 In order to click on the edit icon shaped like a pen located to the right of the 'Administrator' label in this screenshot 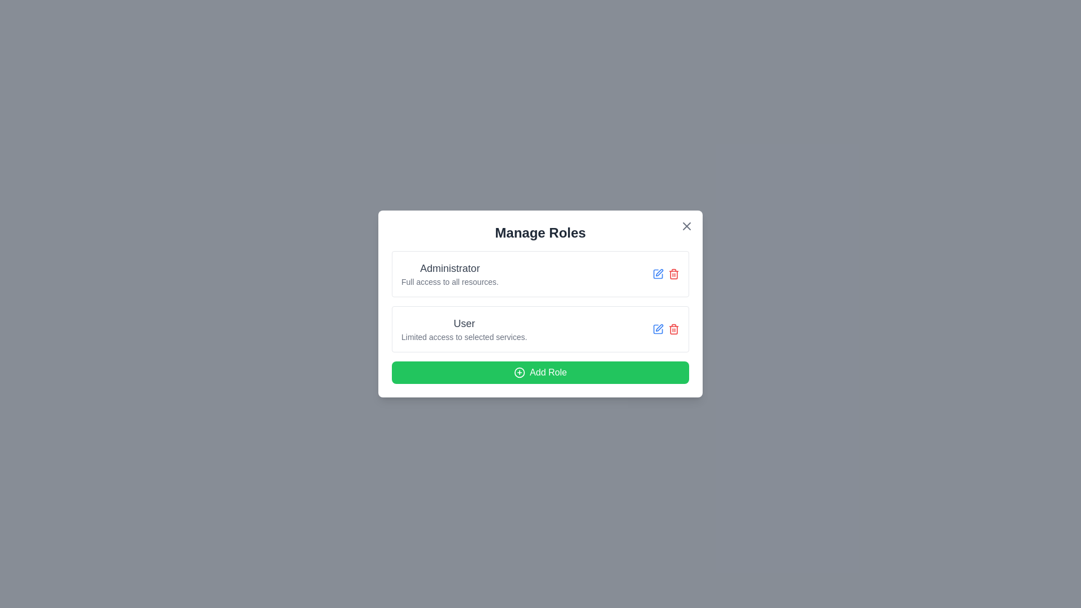, I will do `click(659, 272)`.